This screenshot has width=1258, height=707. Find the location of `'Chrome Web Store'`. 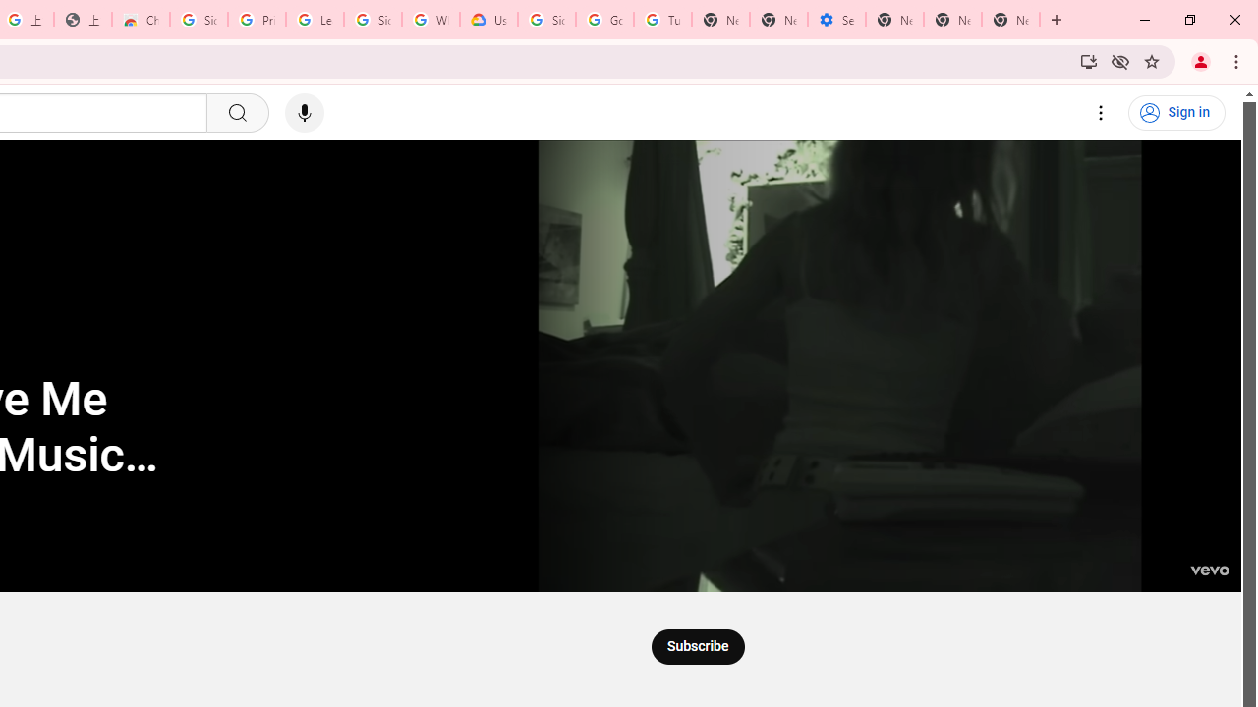

'Chrome Web Store' is located at coordinates (140, 20).